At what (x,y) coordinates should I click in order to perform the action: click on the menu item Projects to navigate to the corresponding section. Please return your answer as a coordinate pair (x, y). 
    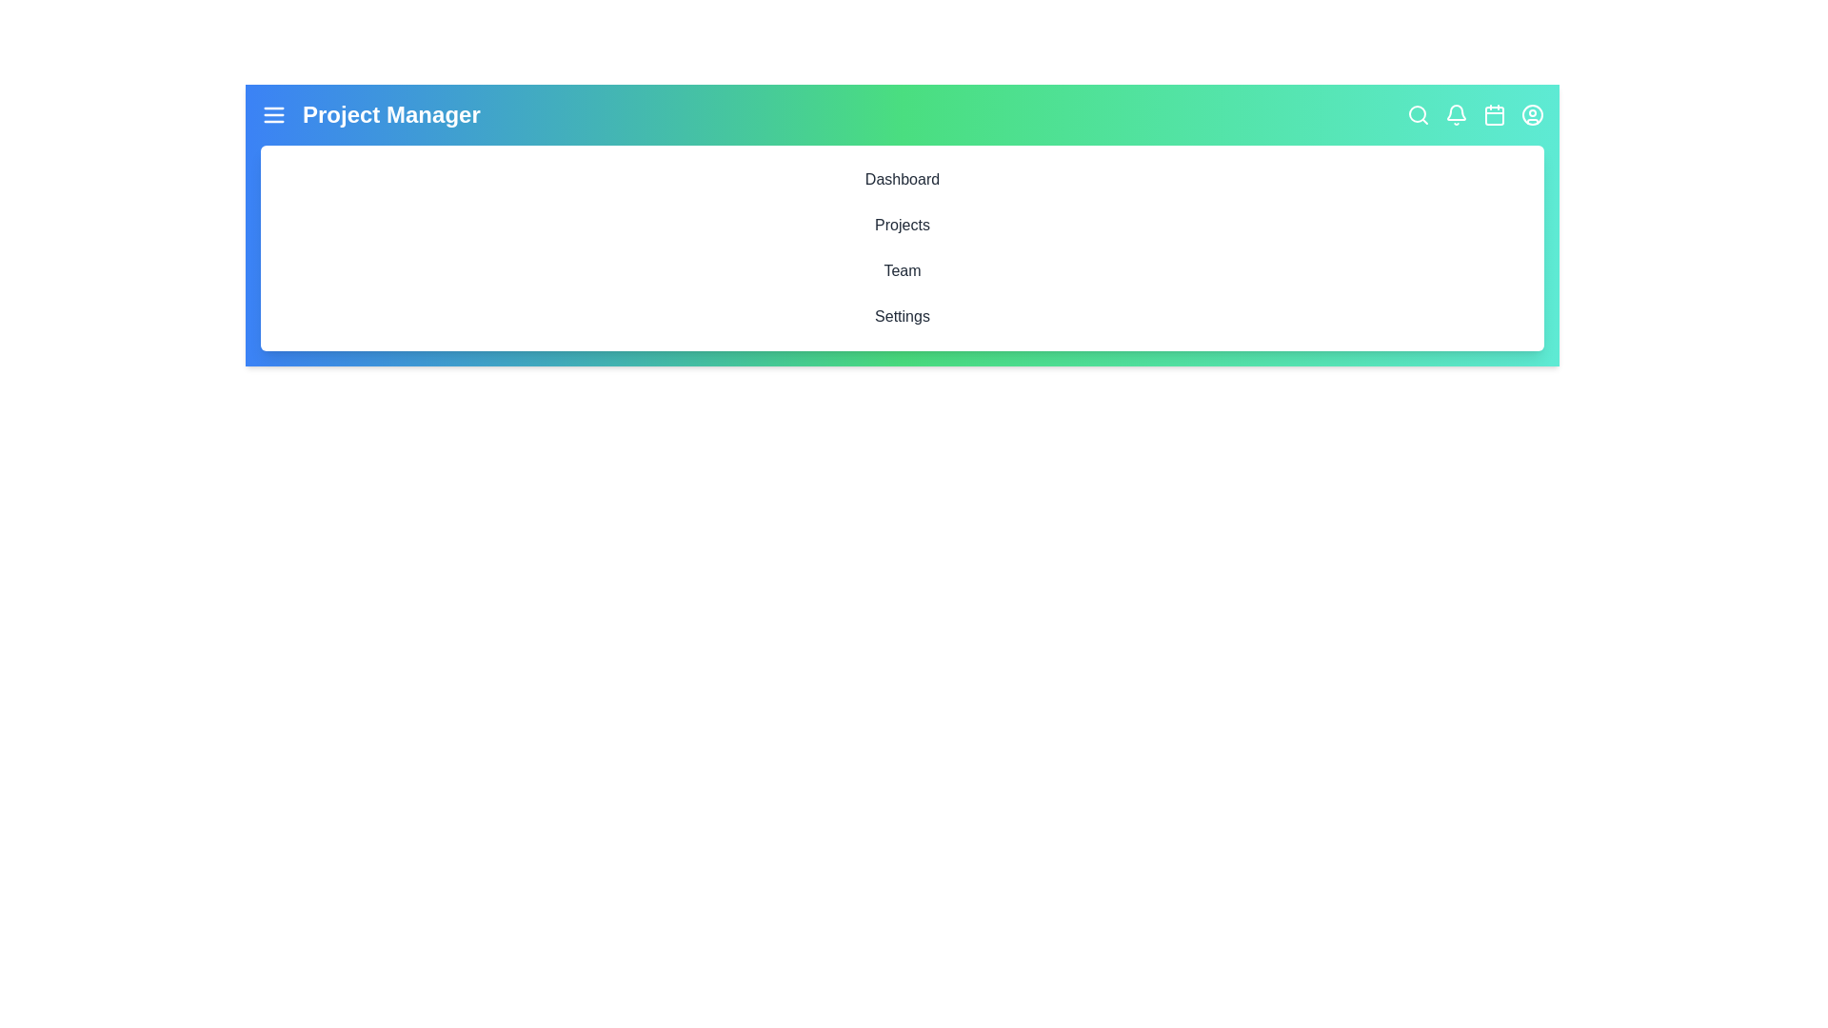
    Looking at the image, I should click on (902, 224).